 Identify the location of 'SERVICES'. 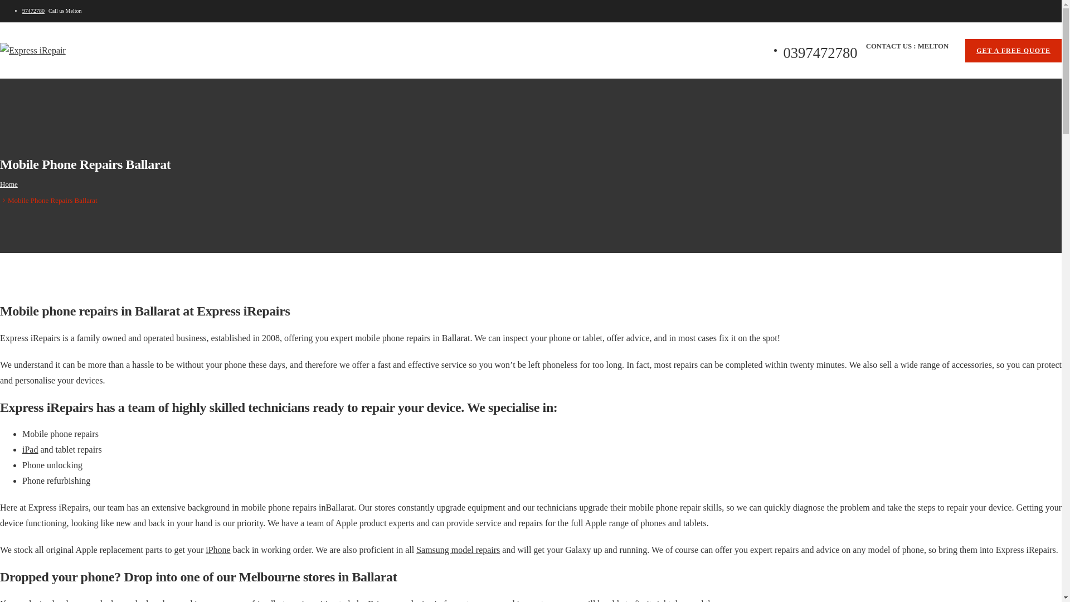
(140, 94).